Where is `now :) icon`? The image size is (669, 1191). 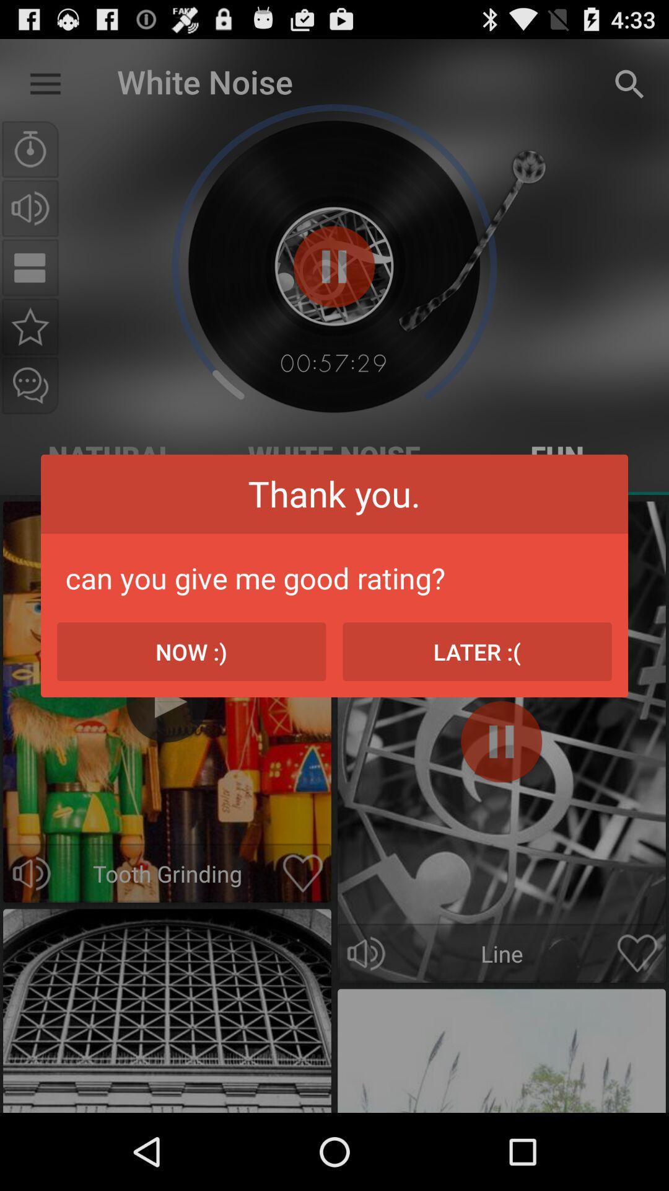
now :) icon is located at coordinates (191, 651).